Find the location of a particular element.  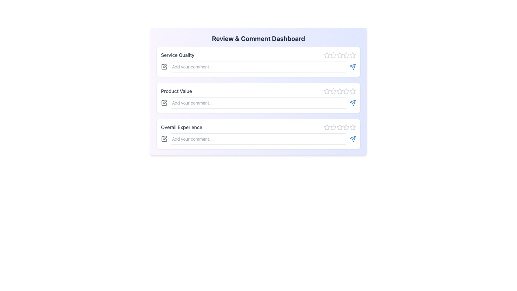

the fifth star rating icon for 'Service Quality' is located at coordinates (353, 55).